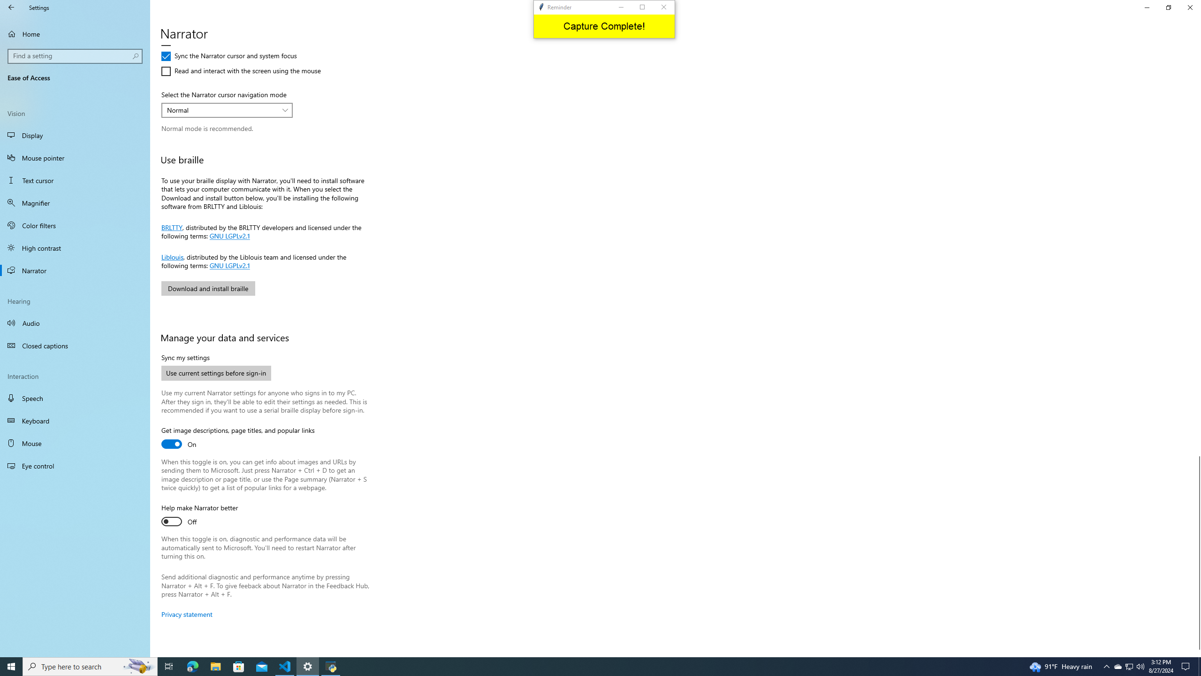 This screenshot has width=1201, height=676. What do you see at coordinates (75, 158) in the screenshot?
I see `'Mouse pointer'` at bounding box center [75, 158].